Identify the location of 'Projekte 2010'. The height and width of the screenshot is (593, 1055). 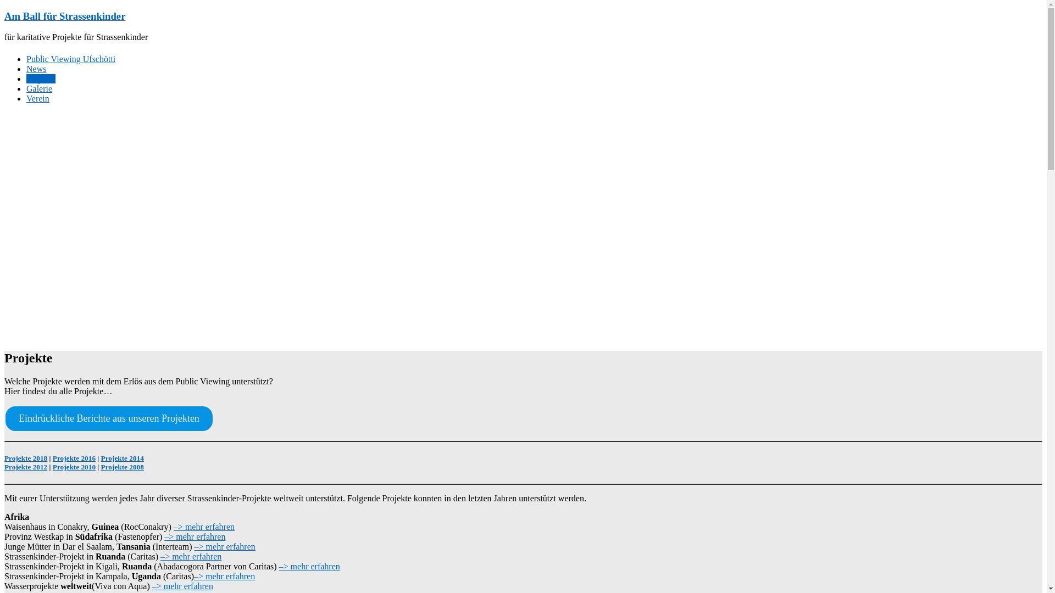
(73, 467).